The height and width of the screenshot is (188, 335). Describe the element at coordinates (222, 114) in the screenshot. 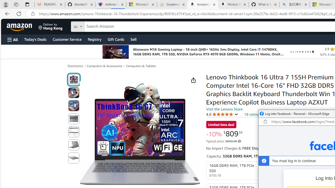

I see `'4.8 4.8 out of 5 stars'` at that location.